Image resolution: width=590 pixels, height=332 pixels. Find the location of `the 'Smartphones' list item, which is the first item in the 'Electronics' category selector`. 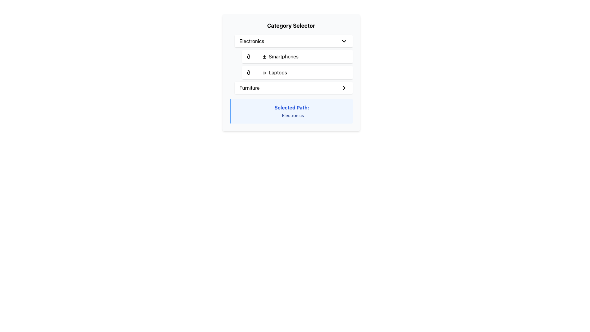

the 'Smartphones' list item, which is the first item in the 'Electronics' category selector is located at coordinates (272, 57).